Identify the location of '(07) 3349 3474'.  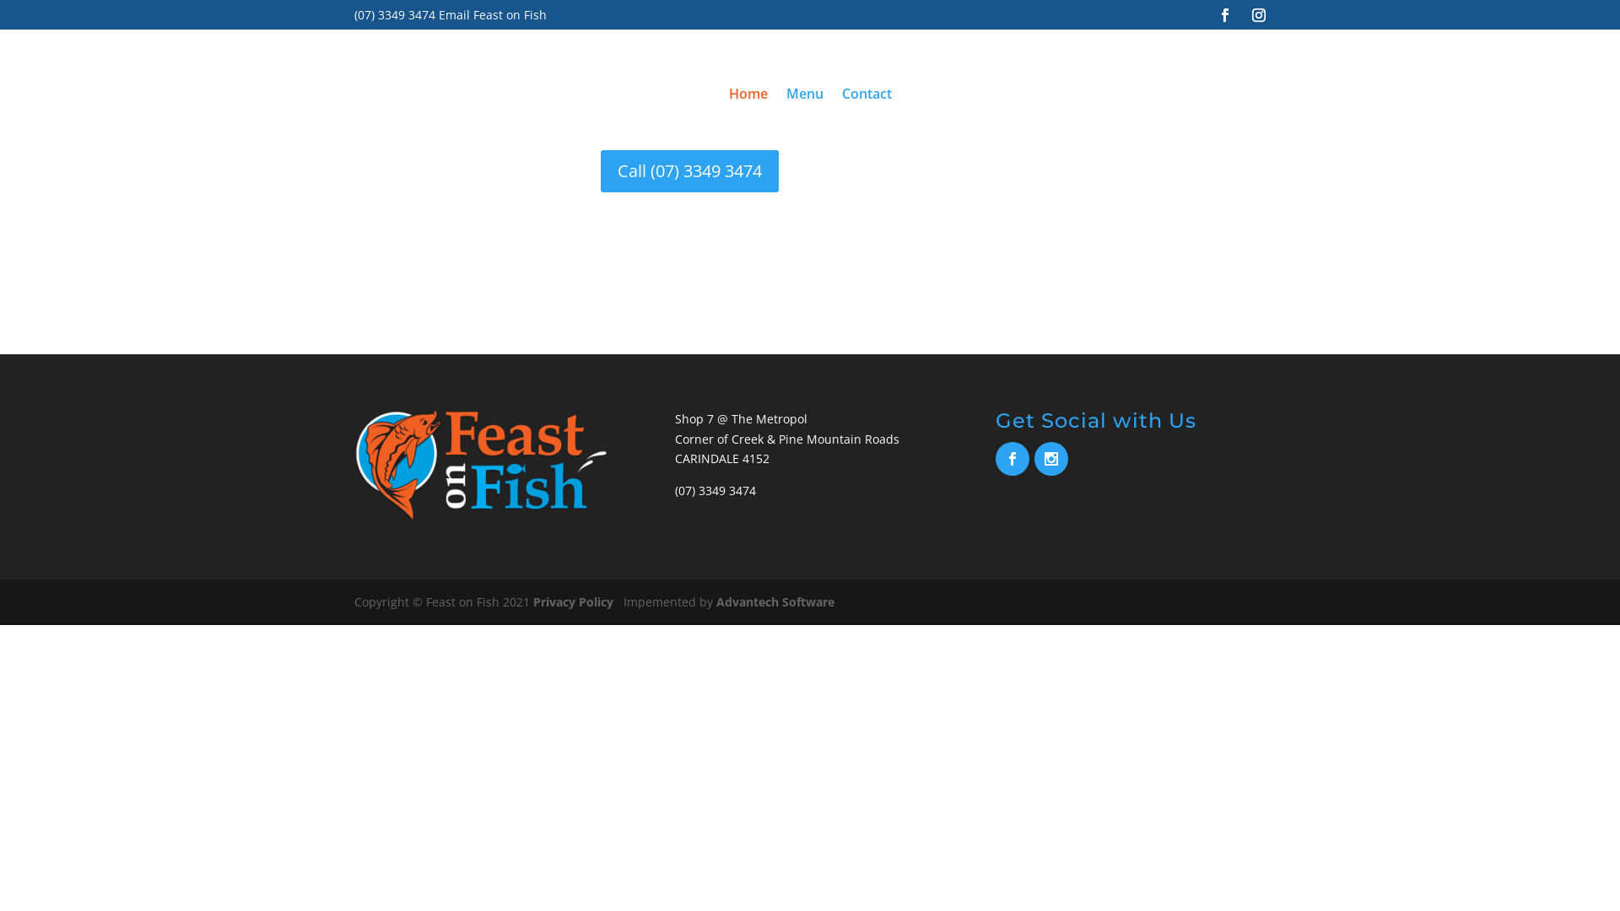
(393, 14).